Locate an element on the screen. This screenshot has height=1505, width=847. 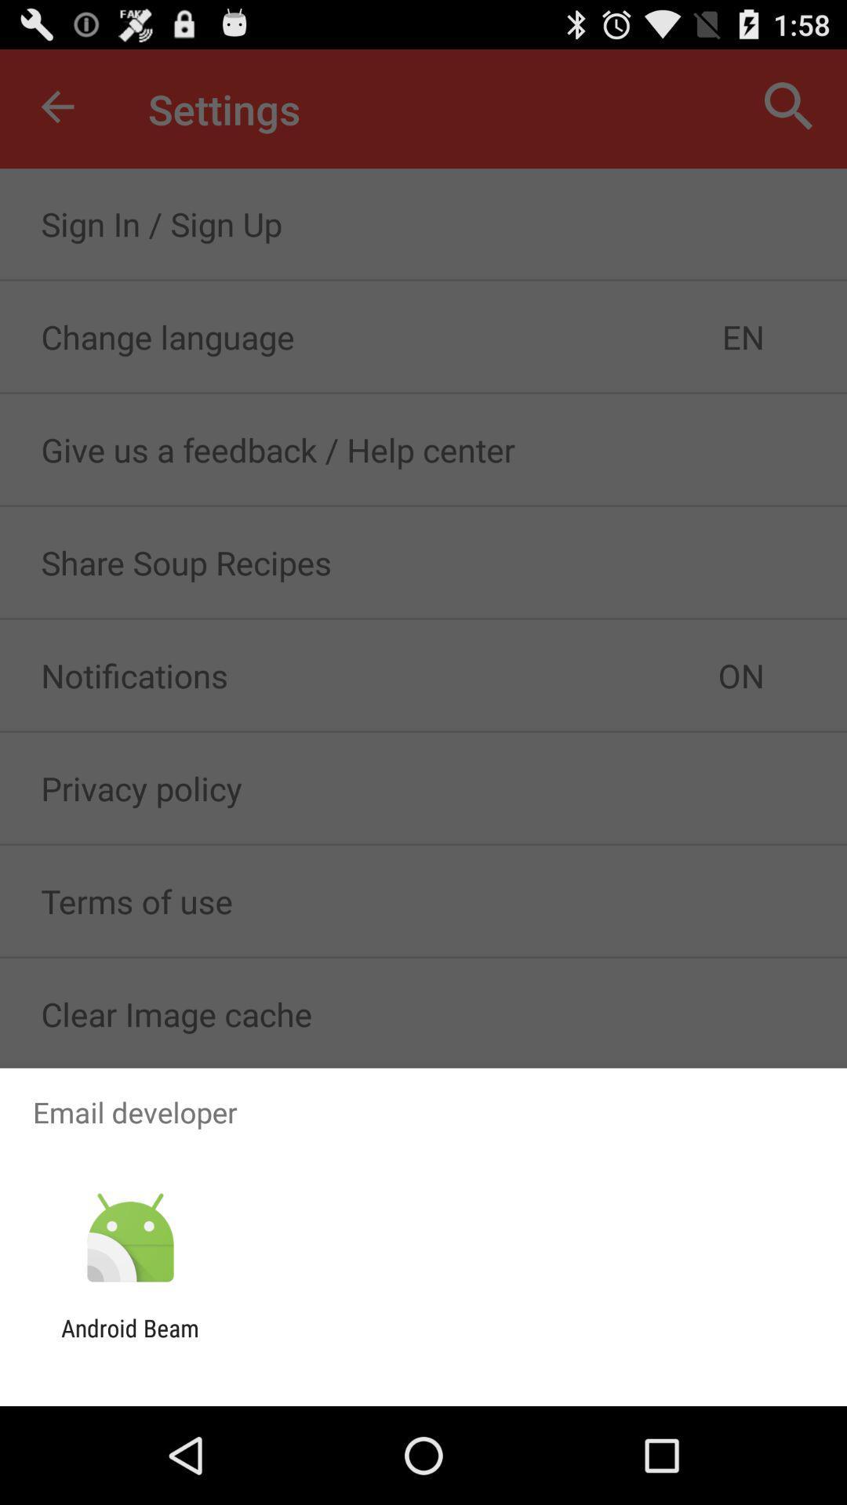
item below the email developer item is located at coordinates (129, 1238).